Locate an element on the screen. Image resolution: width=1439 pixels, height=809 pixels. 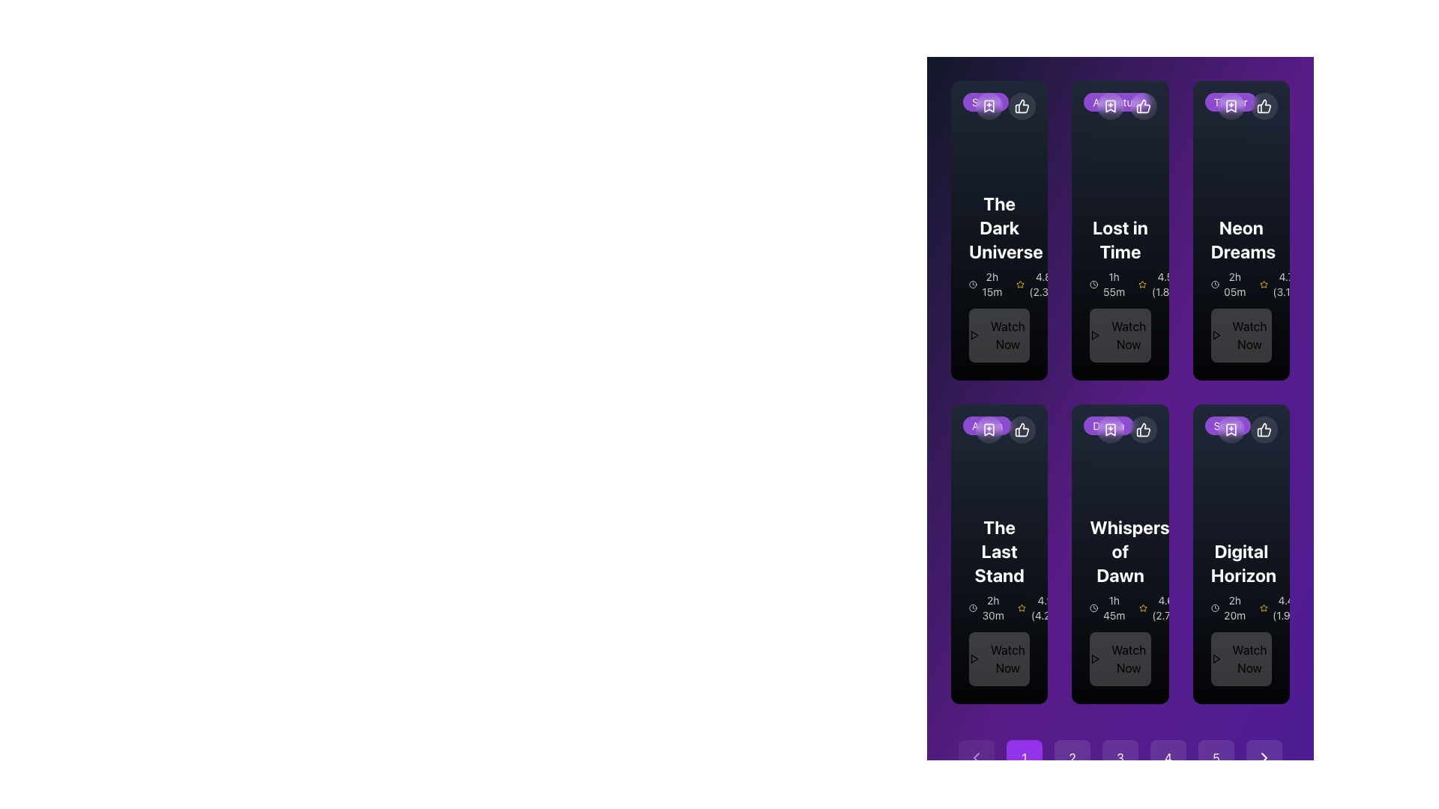
the Bookmark Icon located at the top-right section of the card labeled 'Digital Horizon' to bookmark the item for later revisit is located at coordinates (1231, 430).